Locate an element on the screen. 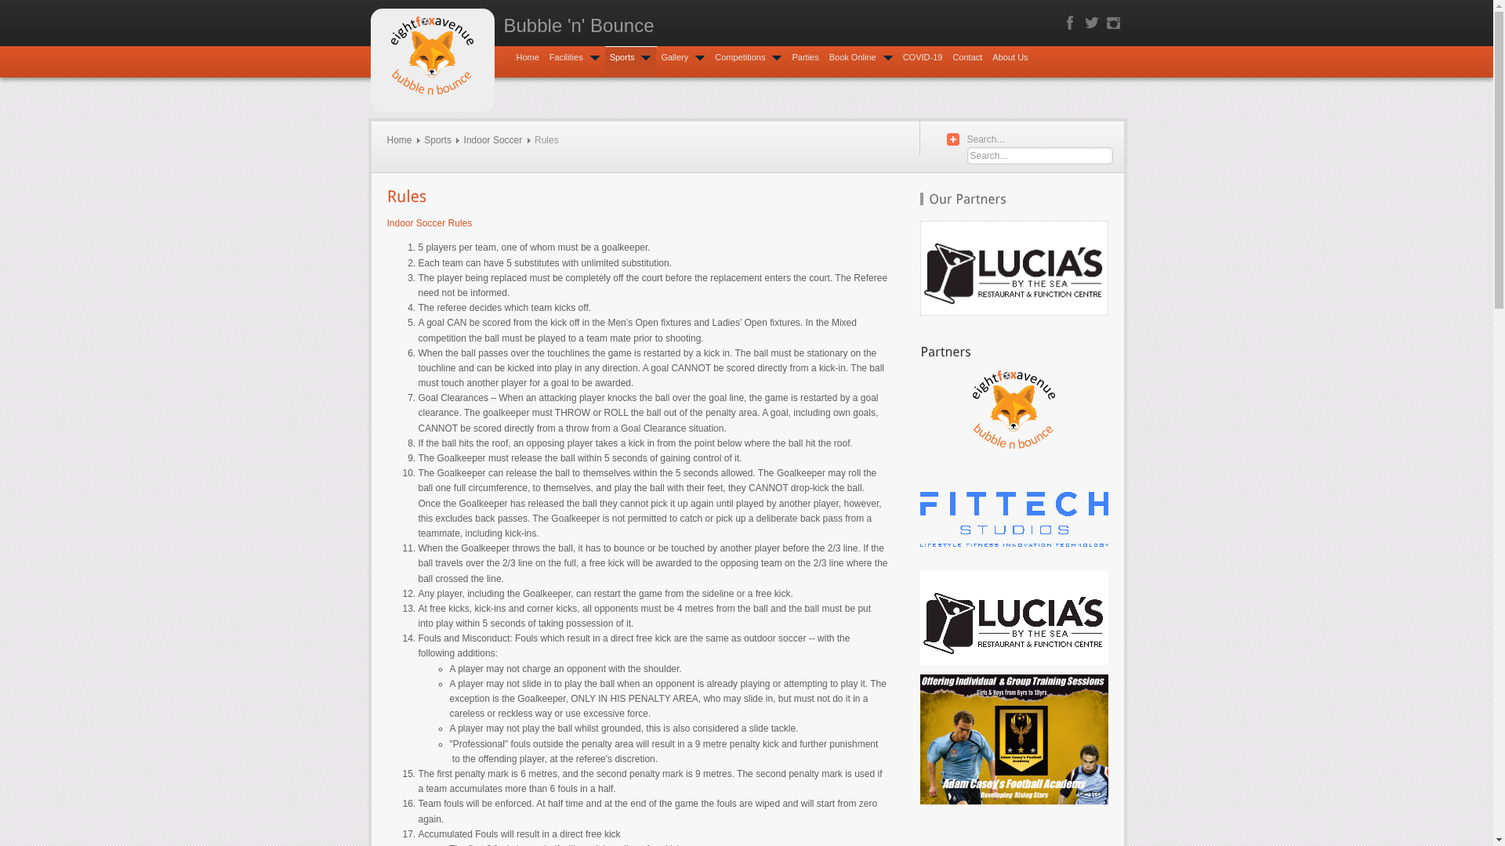 Image resolution: width=1505 pixels, height=846 pixels. 'Visit LUCIA'S BY THE SEA Restaurant and Function Centre!' is located at coordinates (1014, 617).